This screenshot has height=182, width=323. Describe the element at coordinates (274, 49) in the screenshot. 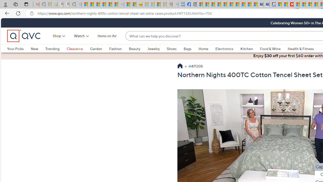

I see `'Food & Wine'` at that location.